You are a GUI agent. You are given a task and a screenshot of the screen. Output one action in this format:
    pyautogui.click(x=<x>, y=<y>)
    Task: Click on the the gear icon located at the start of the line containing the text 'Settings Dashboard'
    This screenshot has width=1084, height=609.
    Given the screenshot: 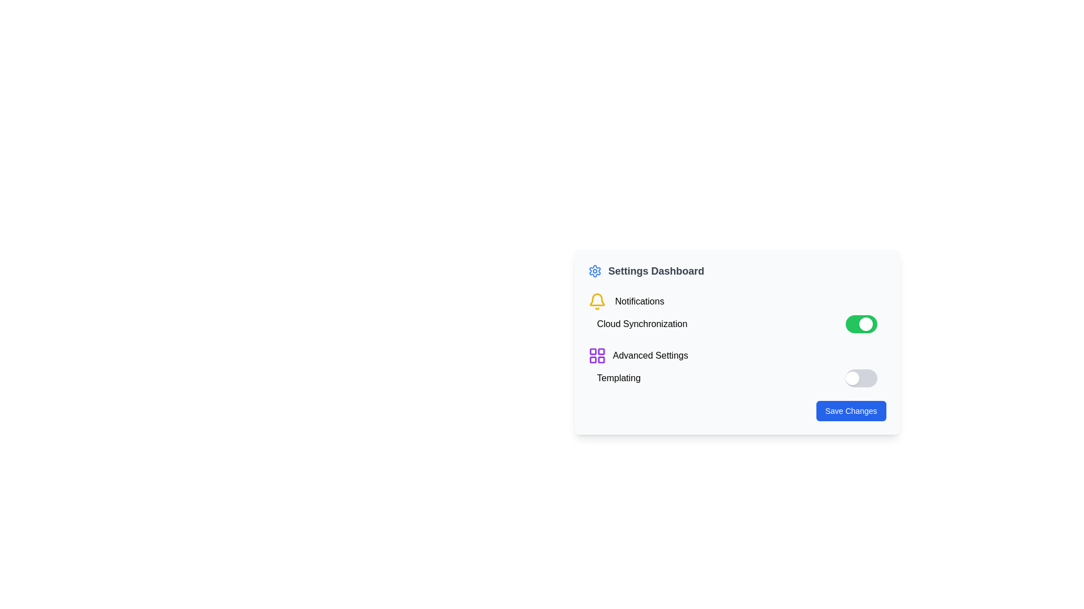 What is the action you would take?
    pyautogui.click(x=594, y=271)
    